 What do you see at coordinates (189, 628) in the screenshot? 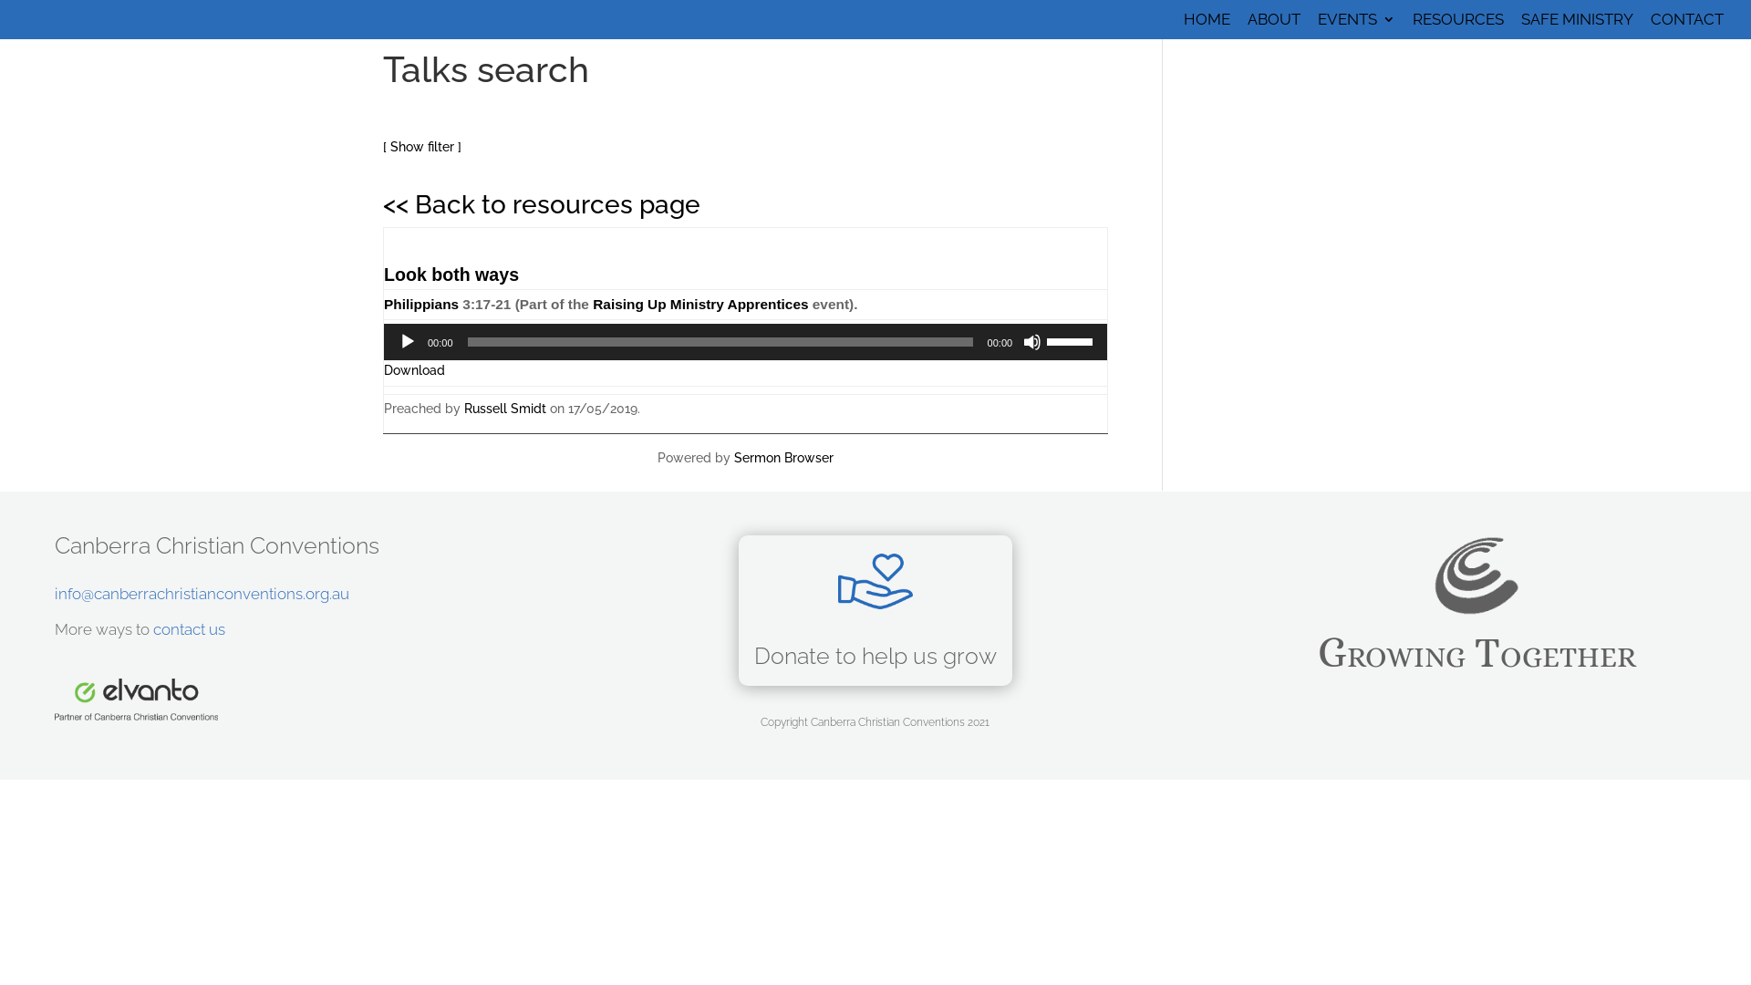
I see `'contact us'` at bounding box center [189, 628].